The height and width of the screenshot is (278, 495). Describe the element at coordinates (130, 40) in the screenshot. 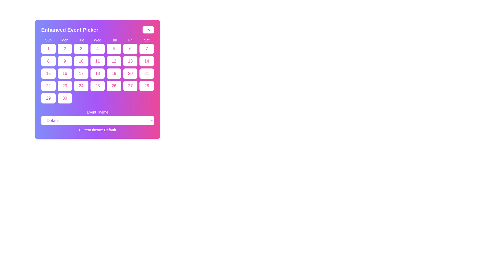

I see `the Text label indicating the day 'Friday' in the calendar interface, located in the sixth column flanked by 'Thu' and 'Sat'` at that location.